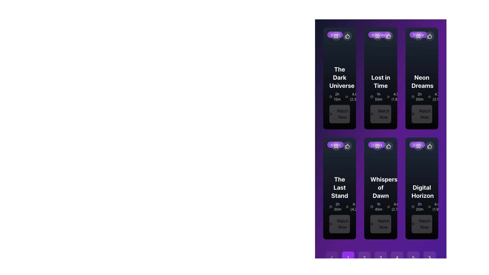 This screenshot has height=275, width=489. Describe the element at coordinates (418, 146) in the screenshot. I see `the Bookmark Icon located in the top-right section of the 'Digital Horizon' card to bookmark the item` at that location.